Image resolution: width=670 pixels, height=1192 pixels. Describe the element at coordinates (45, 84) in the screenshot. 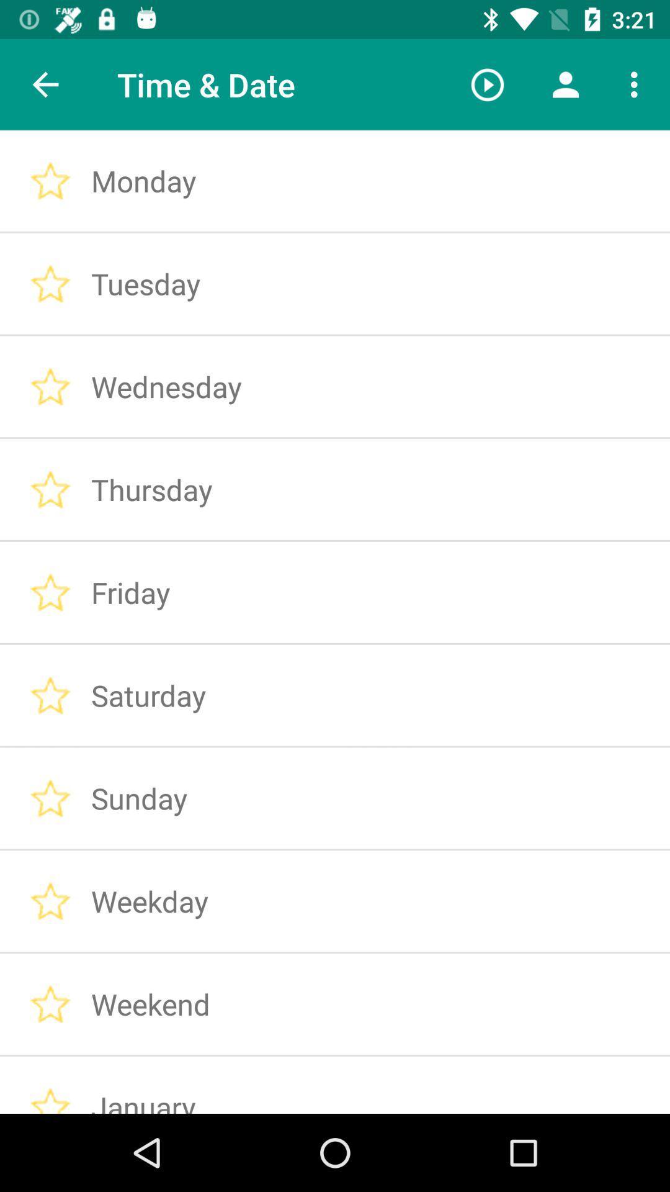

I see `the icon to the left of the time & date item` at that location.